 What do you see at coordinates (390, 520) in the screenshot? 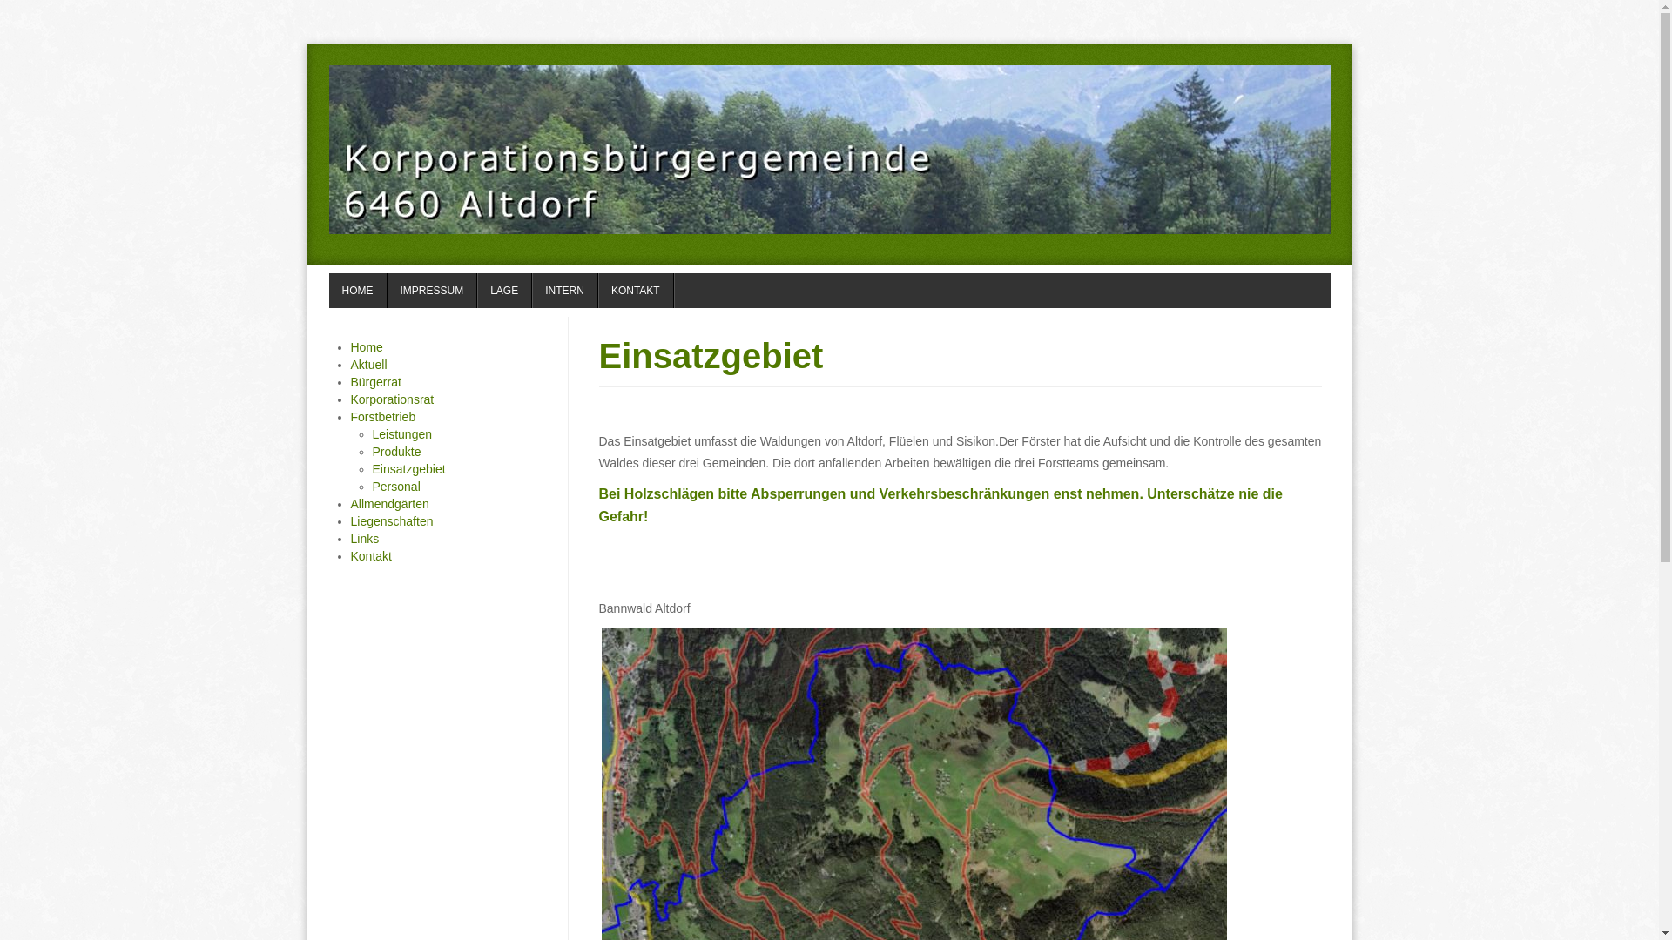
I see `'Liegenschaften'` at bounding box center [390, 520].